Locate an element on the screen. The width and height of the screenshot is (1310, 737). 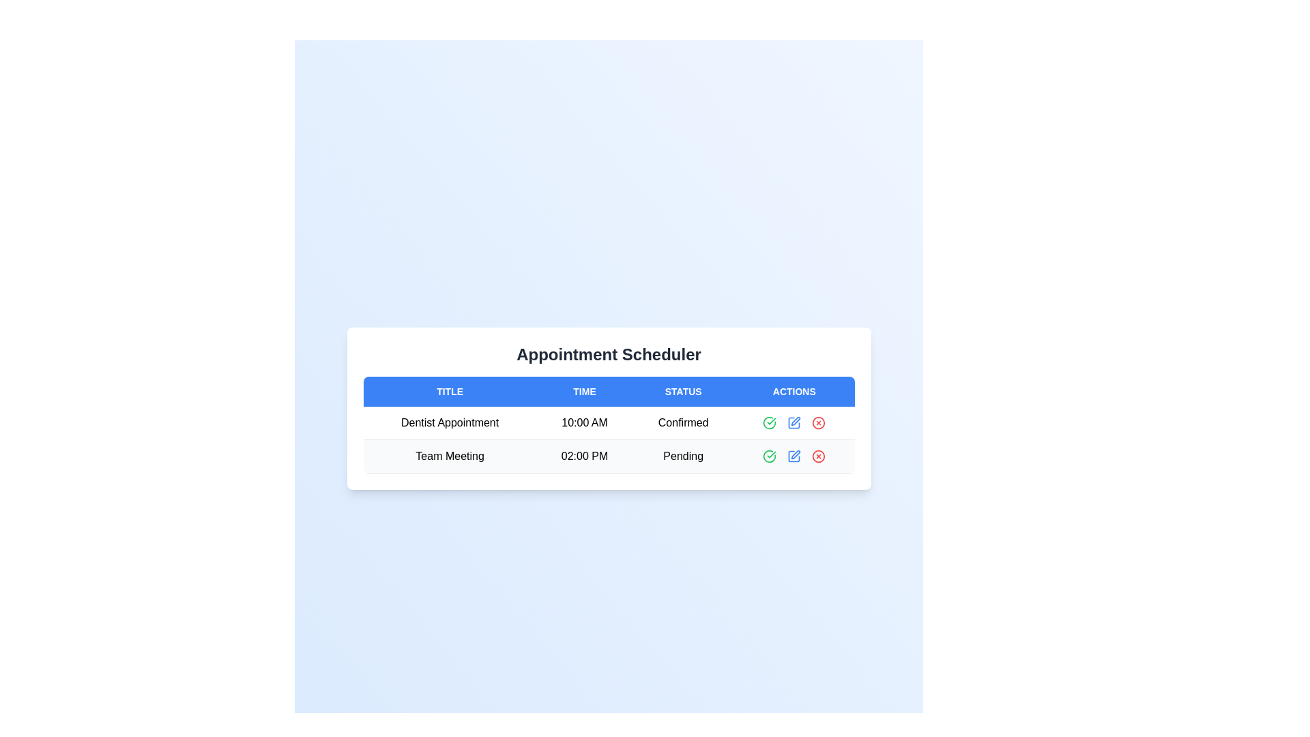
the SVG Circle Icon in the 'Actions' column of the first row under 'Appointment Scheduler' is located at coordinates (819, 422).